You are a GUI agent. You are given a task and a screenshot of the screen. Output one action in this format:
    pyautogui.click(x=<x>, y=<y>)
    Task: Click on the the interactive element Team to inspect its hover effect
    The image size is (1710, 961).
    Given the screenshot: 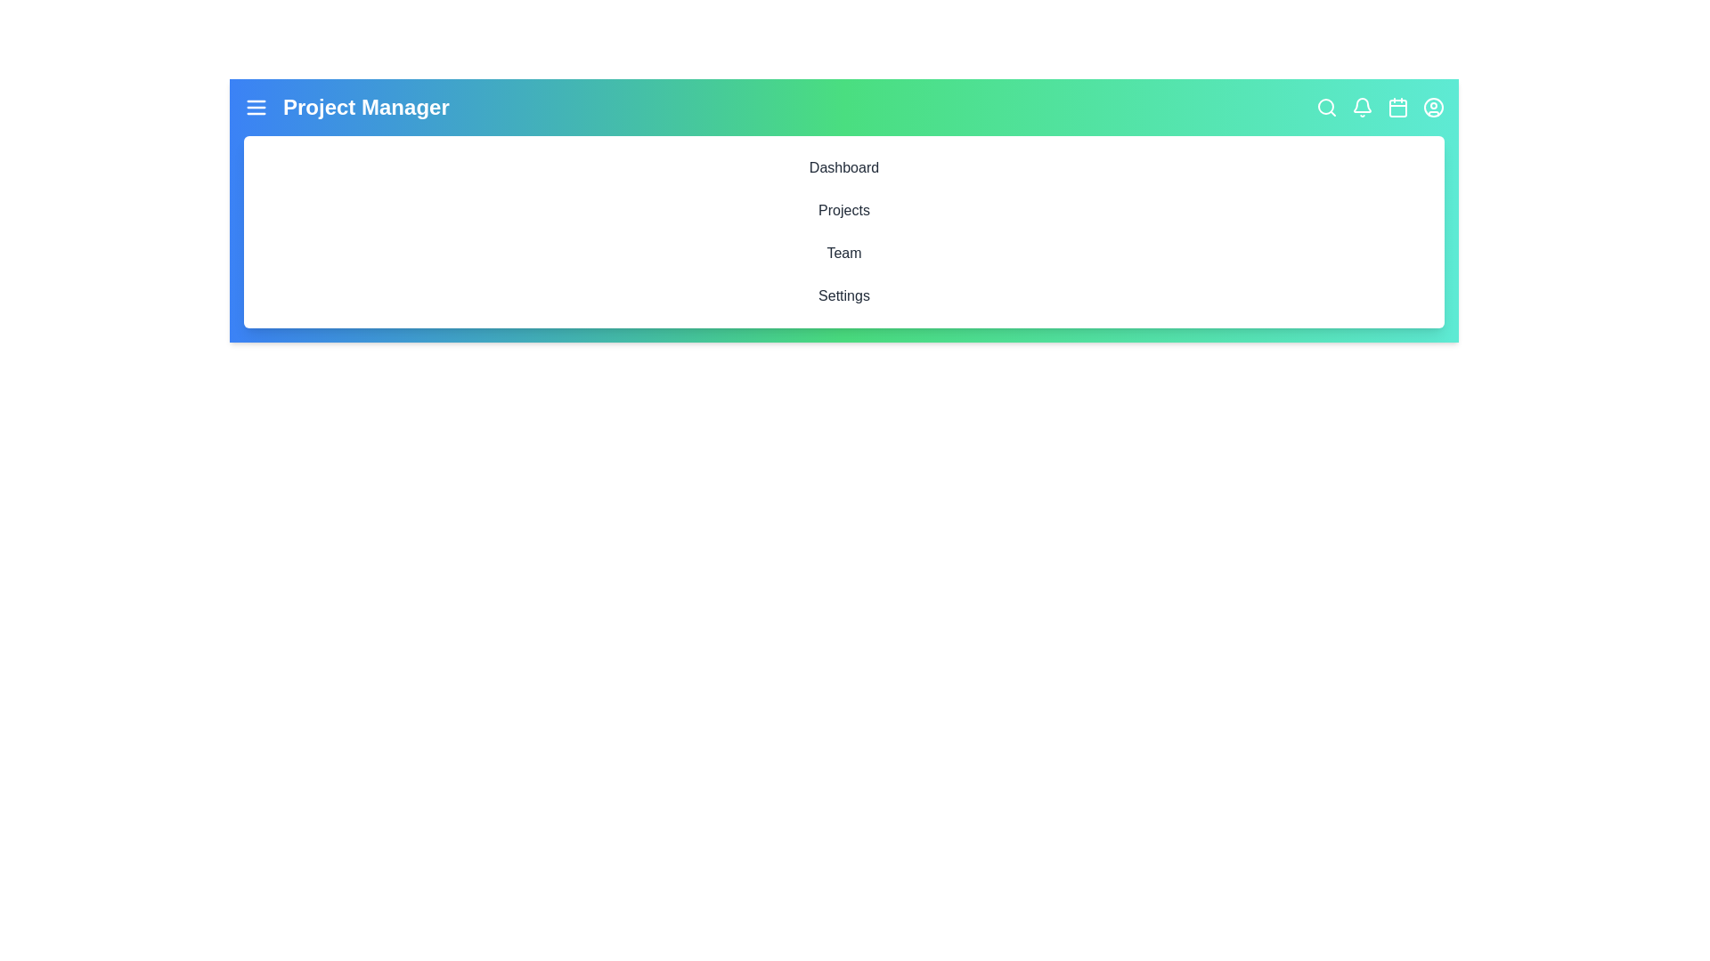 What is the action you would take?
    pyautogui.click(x=843, y=254)
    